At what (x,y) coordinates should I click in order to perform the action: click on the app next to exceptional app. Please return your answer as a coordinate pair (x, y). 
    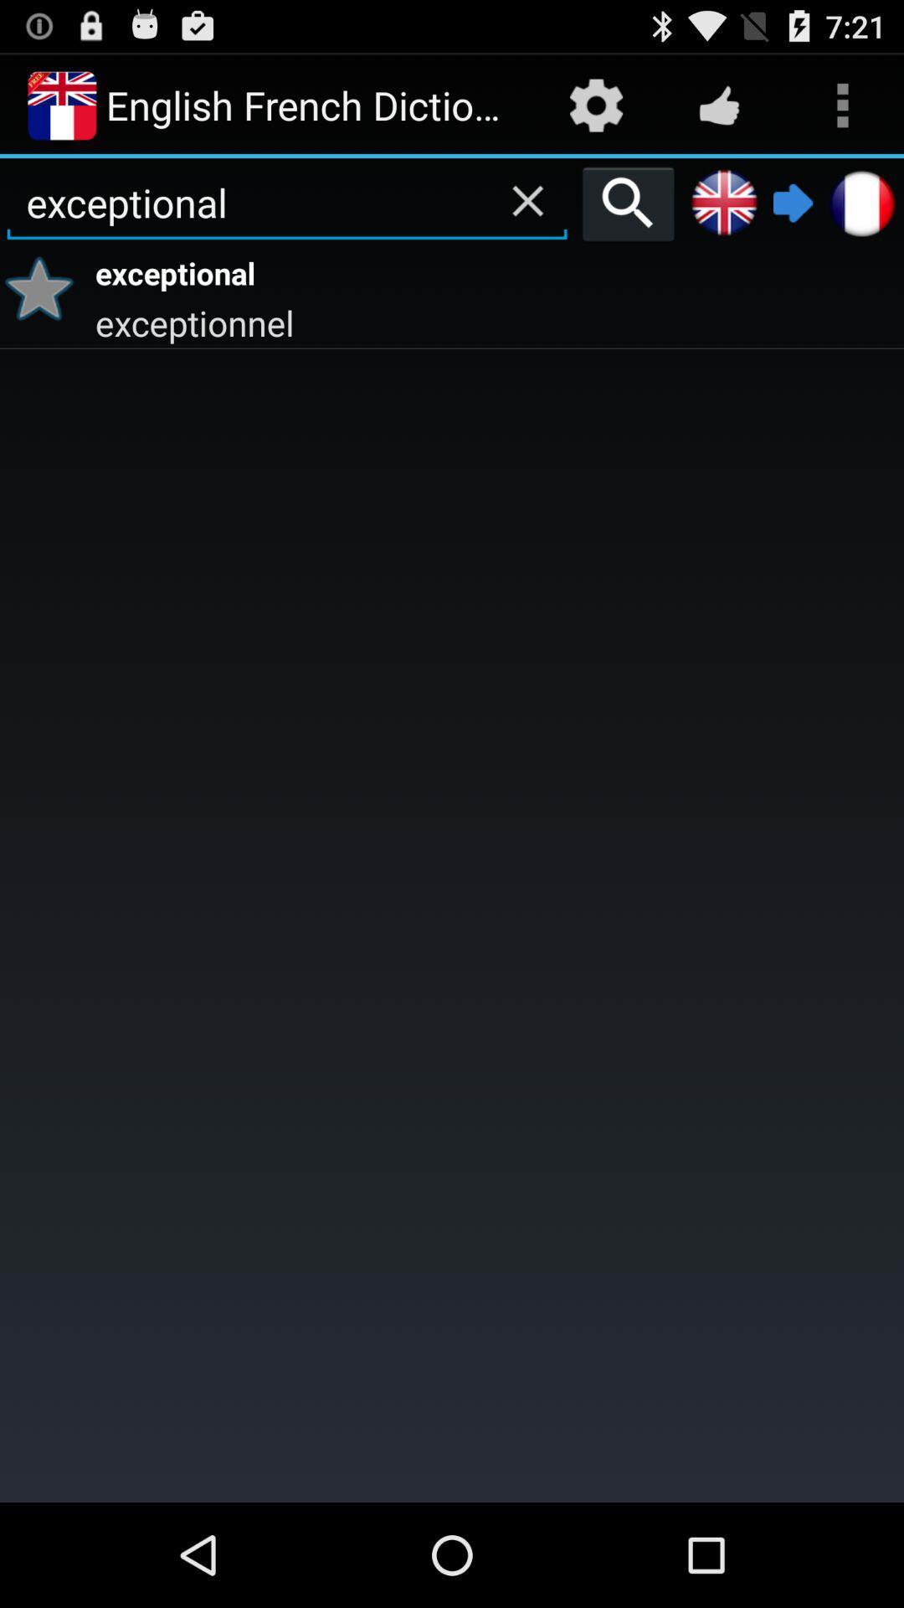
    Looking at the image, I should click on (44, 288).